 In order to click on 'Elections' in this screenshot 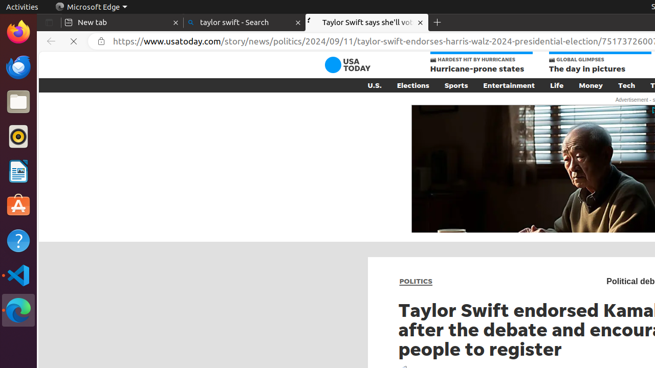, I will do `click(413, 84)`.